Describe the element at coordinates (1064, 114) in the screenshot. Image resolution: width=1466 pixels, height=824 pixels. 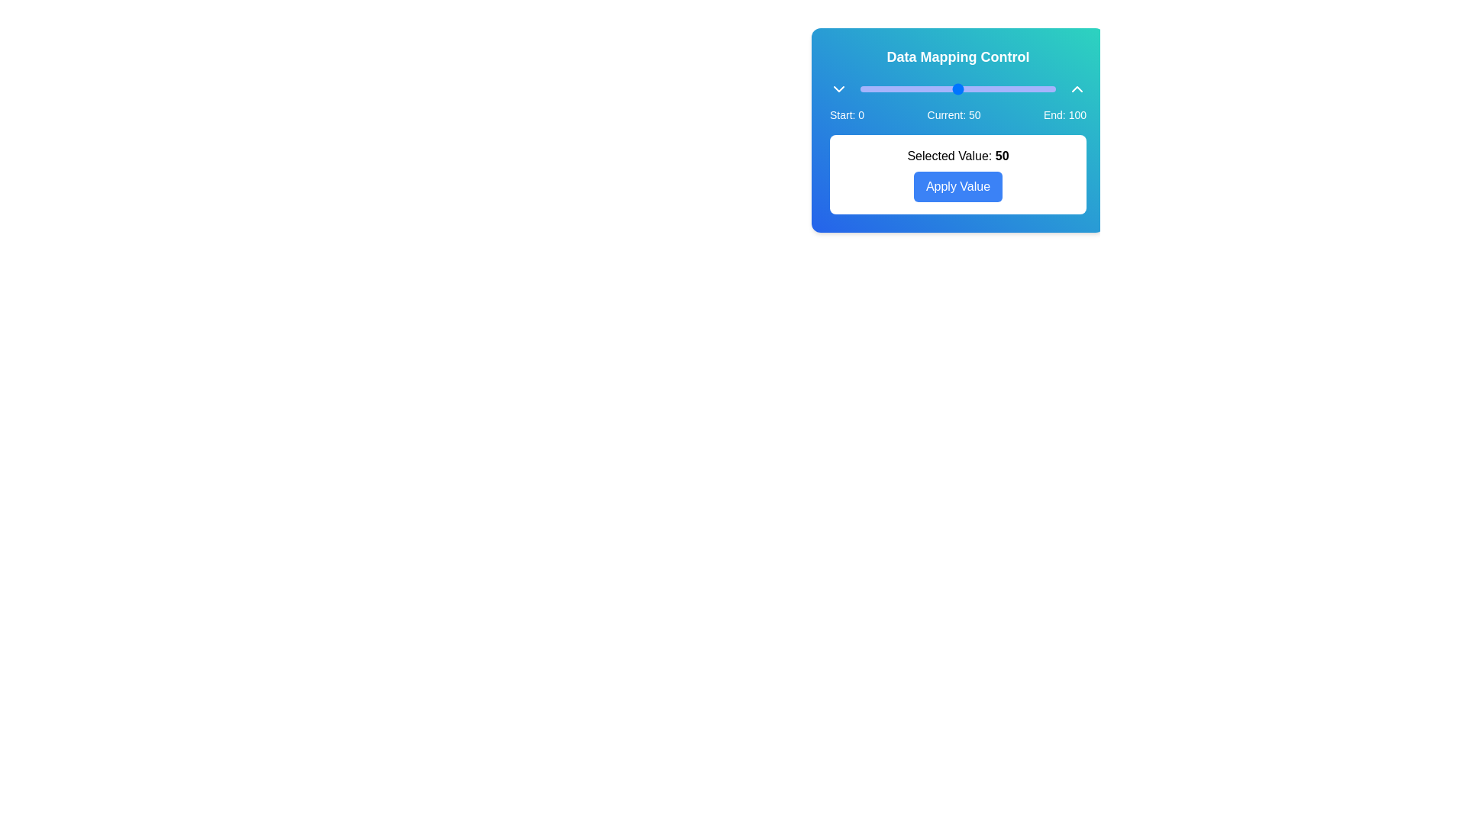
I see `the Text Label displaying 'End: 100', which is located towards the upper-right corner of the component, beneath the slider element` at that location.